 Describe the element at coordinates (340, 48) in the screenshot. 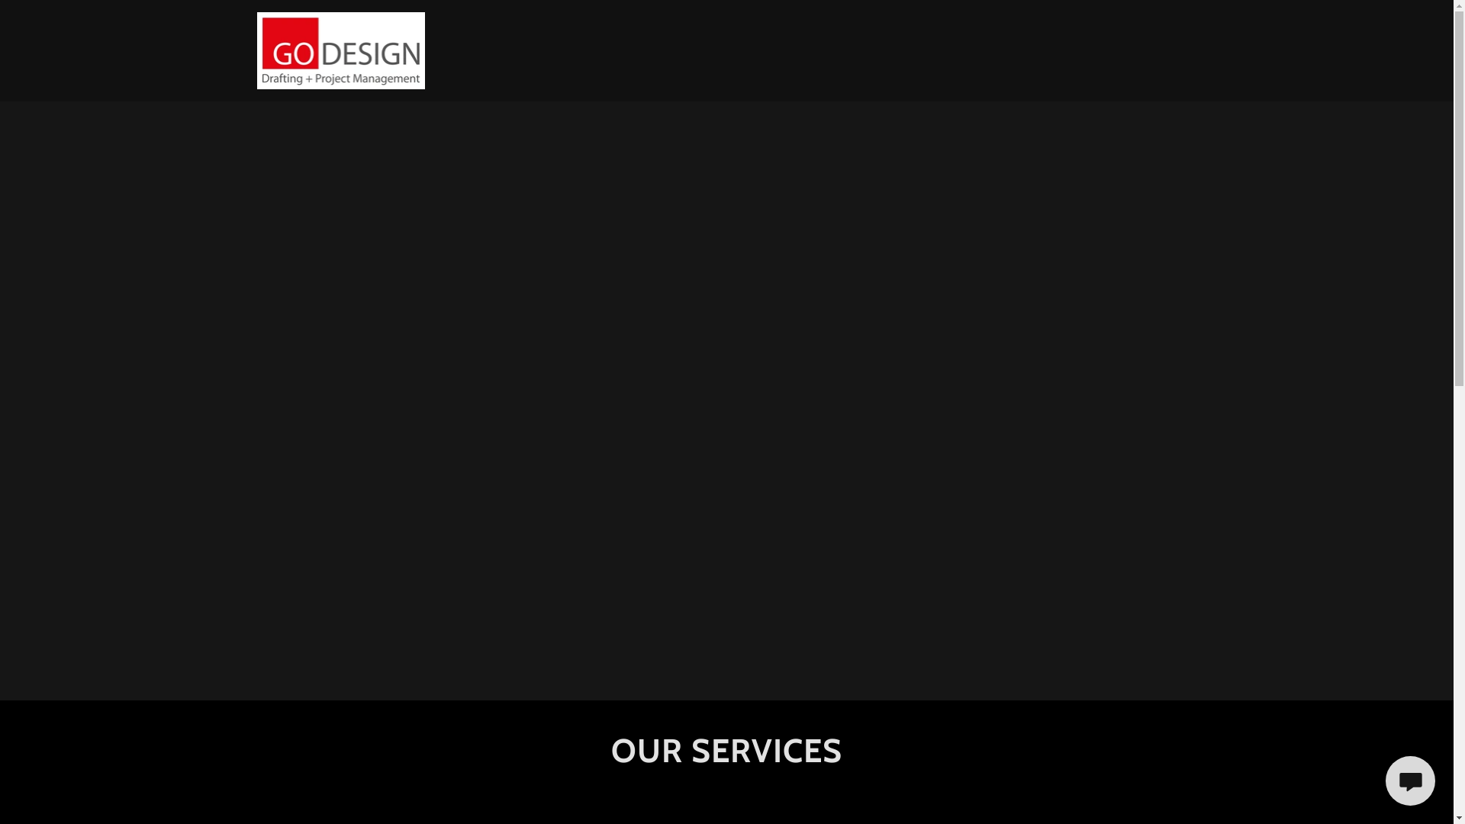

I see `'Fuller Group'` at that location.